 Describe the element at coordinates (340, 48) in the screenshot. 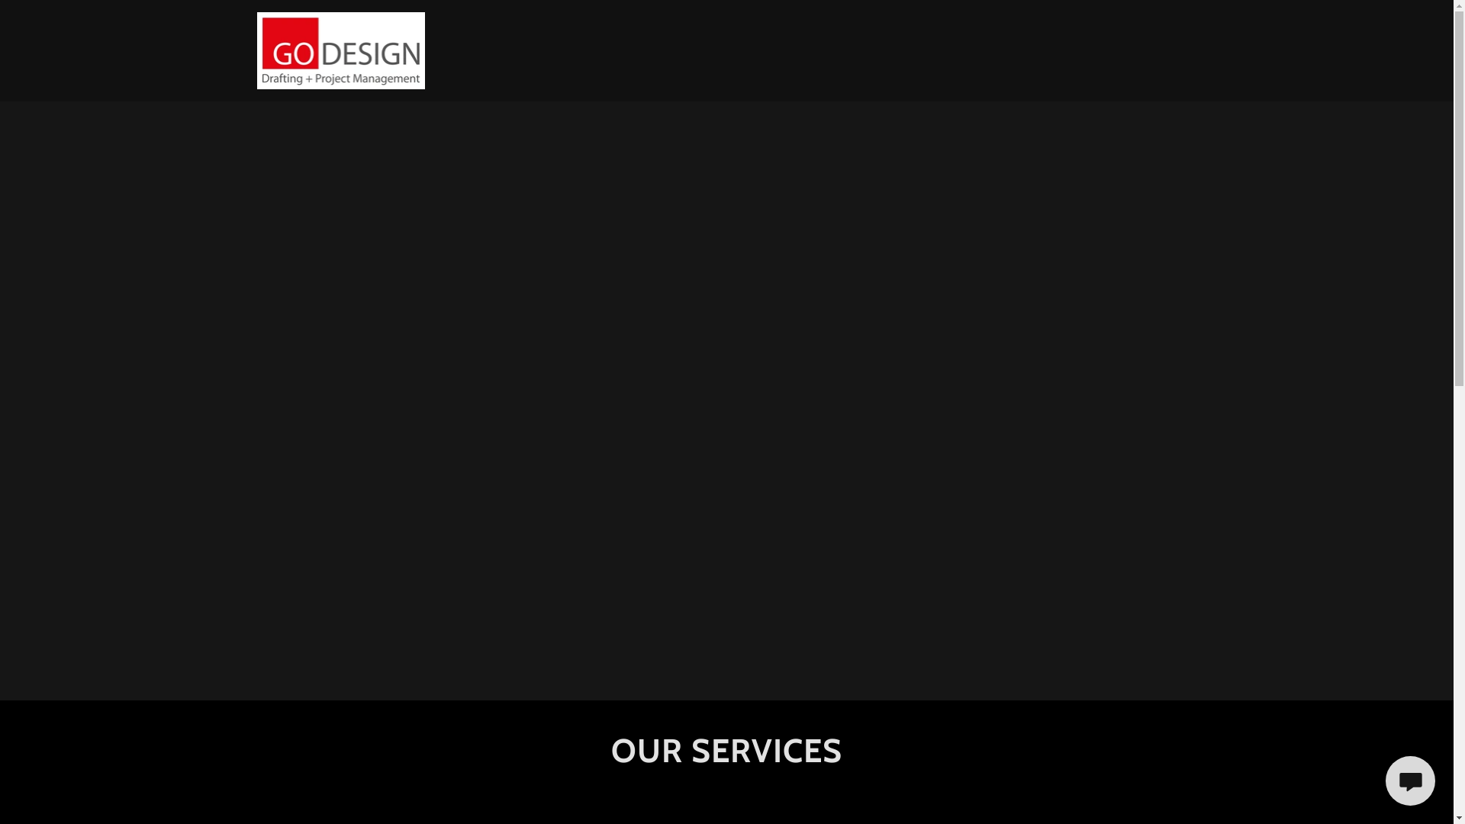

I see `'Fuller Group'` at that location.